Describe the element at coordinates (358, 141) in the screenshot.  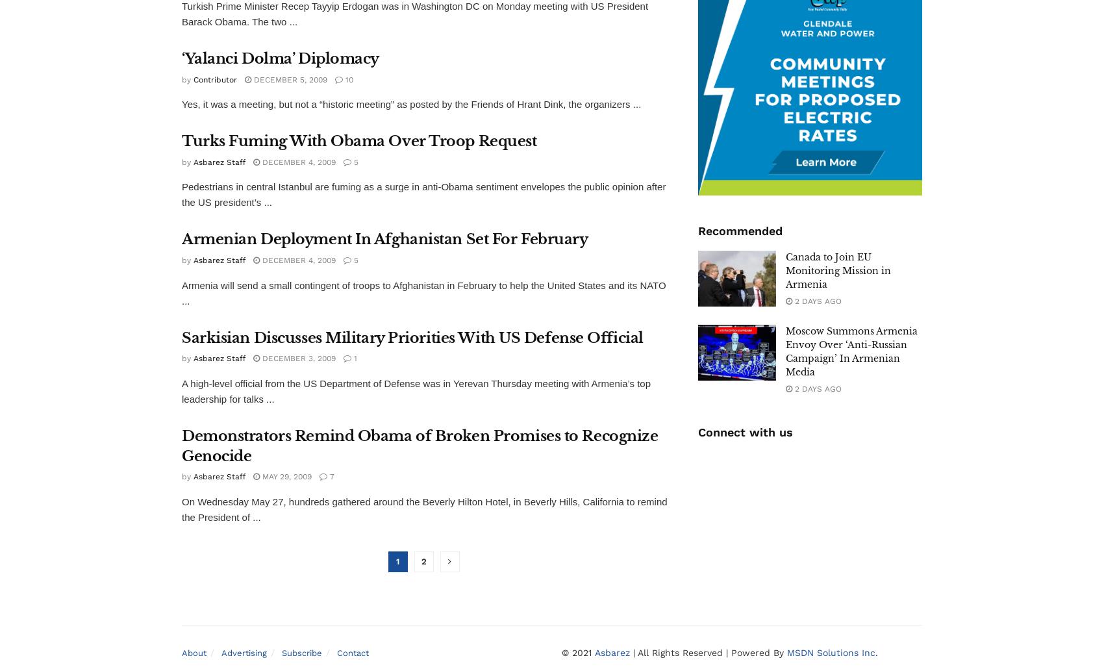
I see `'Turks Fuming With Obama Over Troop Request'` at that location.